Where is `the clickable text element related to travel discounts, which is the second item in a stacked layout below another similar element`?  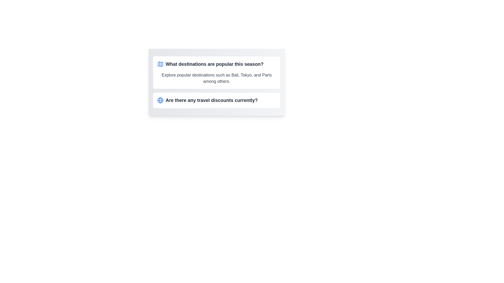 the clickable text element related to travel discounts, which is the second item in a stacked layout below another similar element is located at coordinates (207, 100).